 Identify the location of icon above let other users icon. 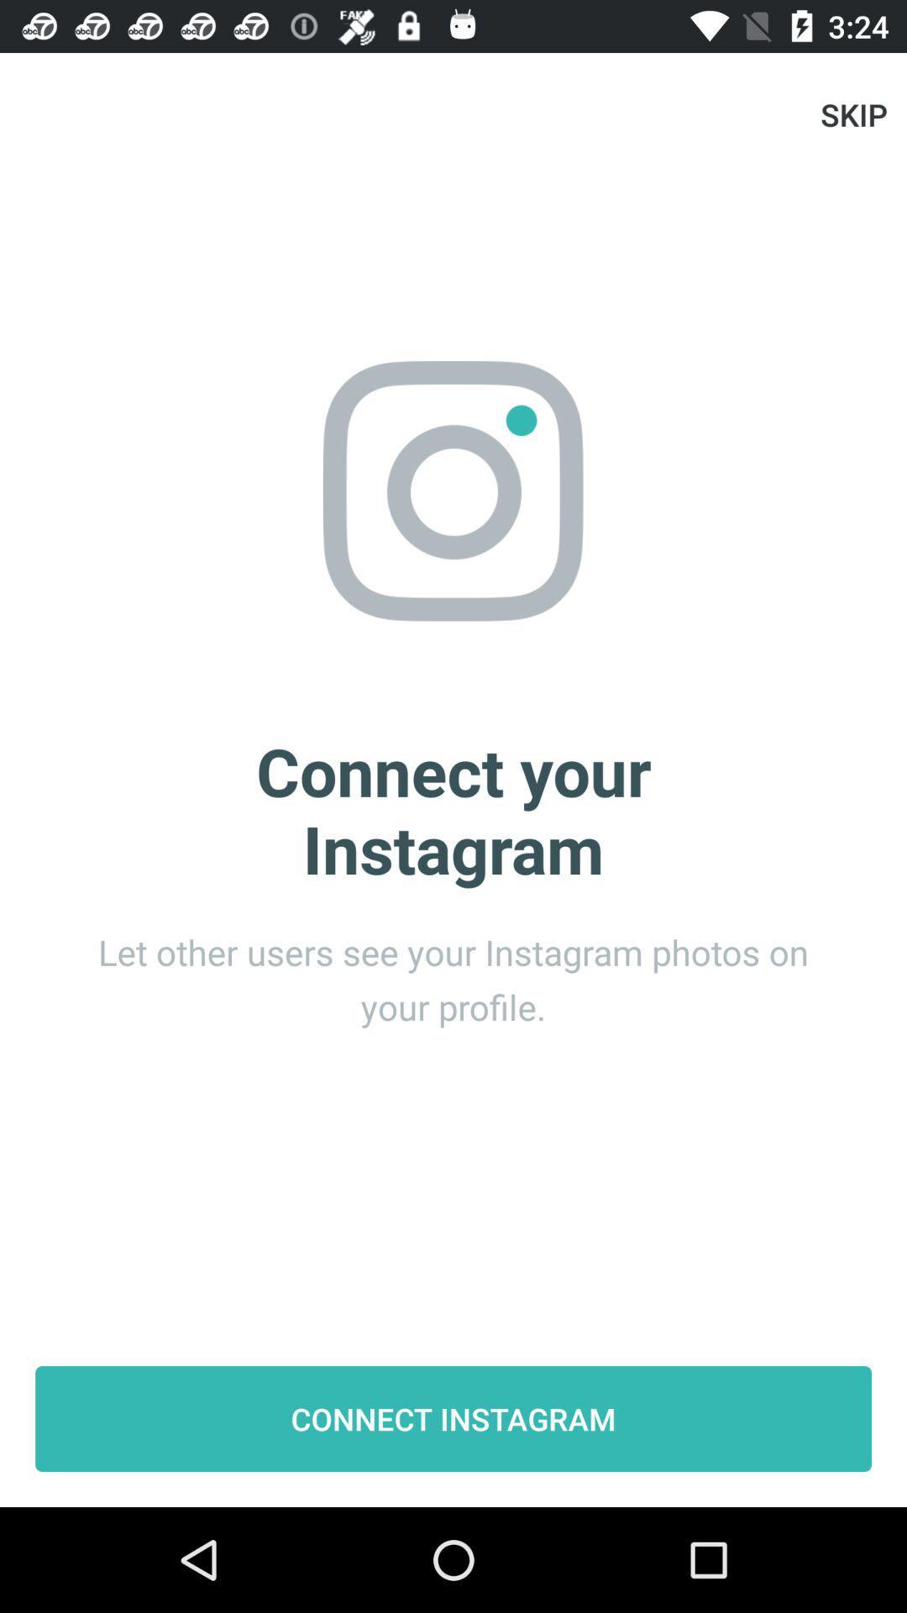
(854, 113).